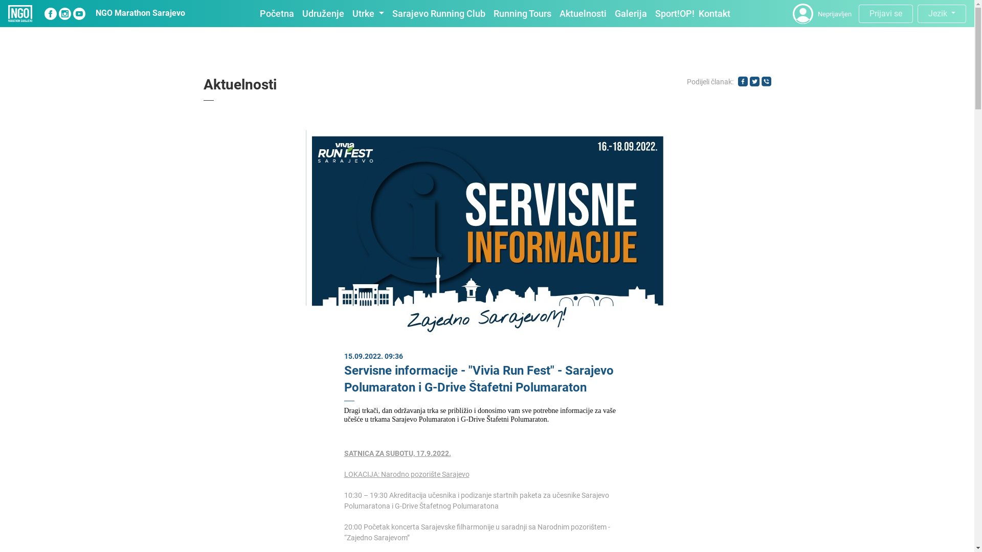 The width and height of the screenshot is (982, 552). Describe the element at coordinates (941, 14) in the screenshot. I see `'Jezik'` at that location.